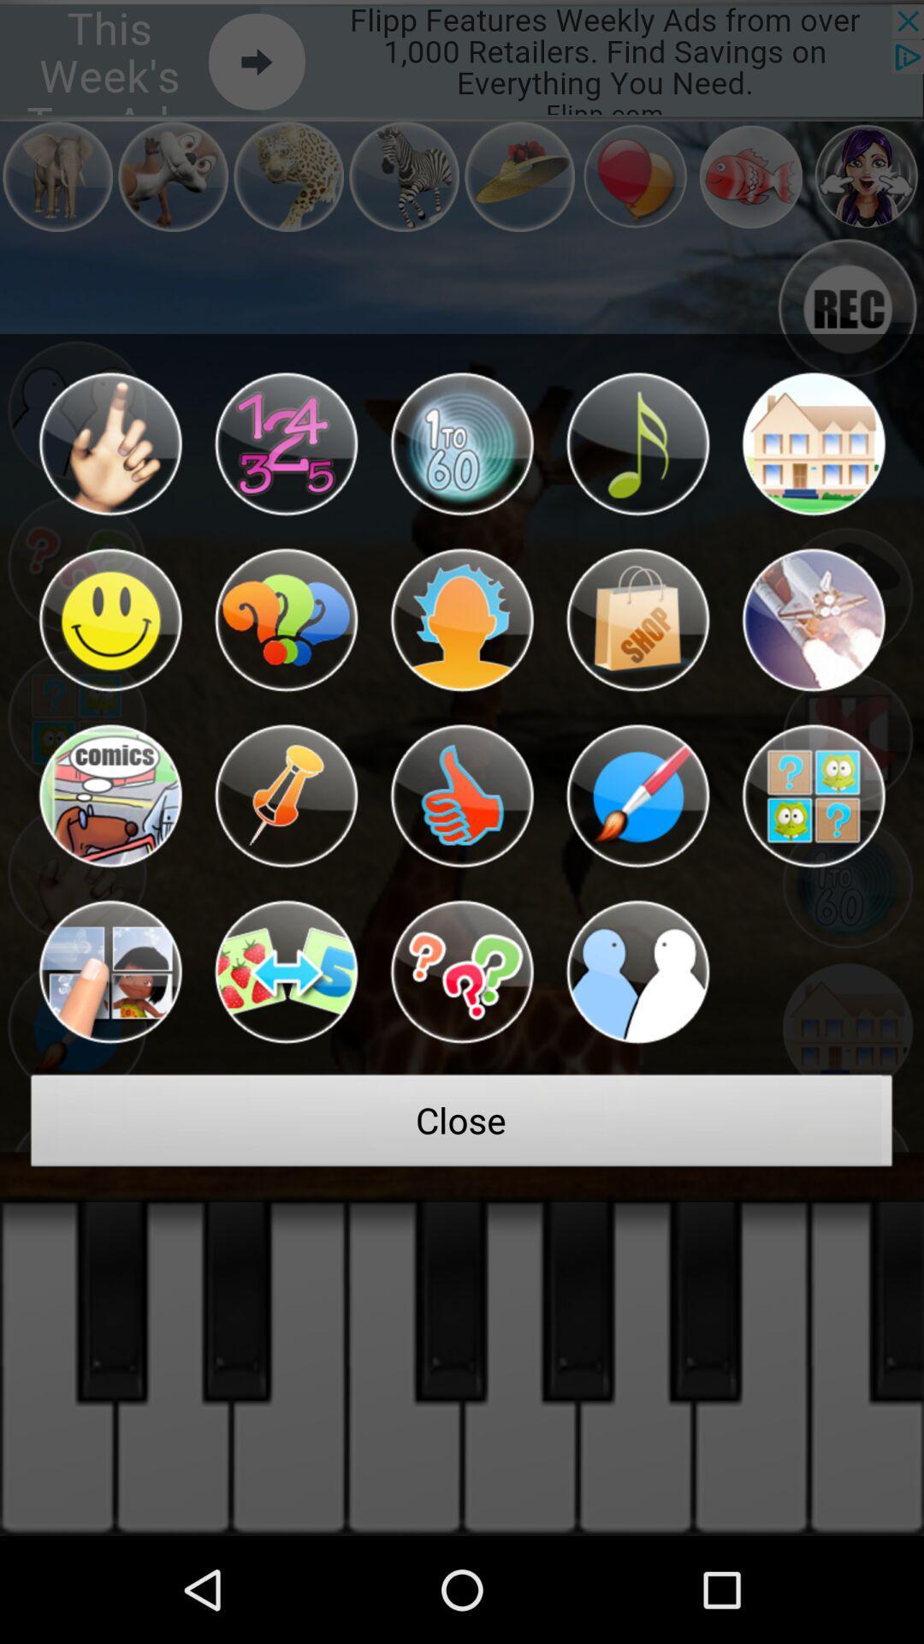 The height and width of the screenshot is (1644, 924). I want to click on the national_flag icon, so click(110, 852).